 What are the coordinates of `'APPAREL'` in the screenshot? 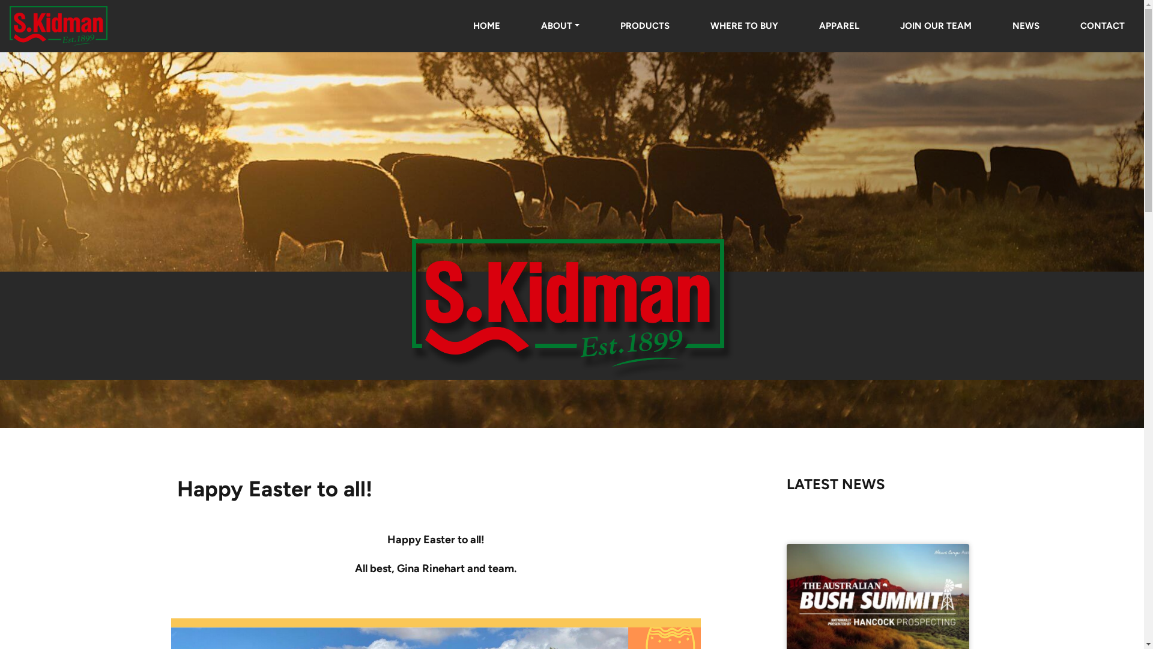 It's located at (838, 25).